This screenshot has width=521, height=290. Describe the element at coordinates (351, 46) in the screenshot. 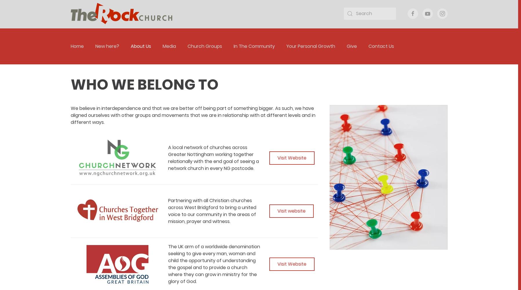

I see `'Give'` at that location.